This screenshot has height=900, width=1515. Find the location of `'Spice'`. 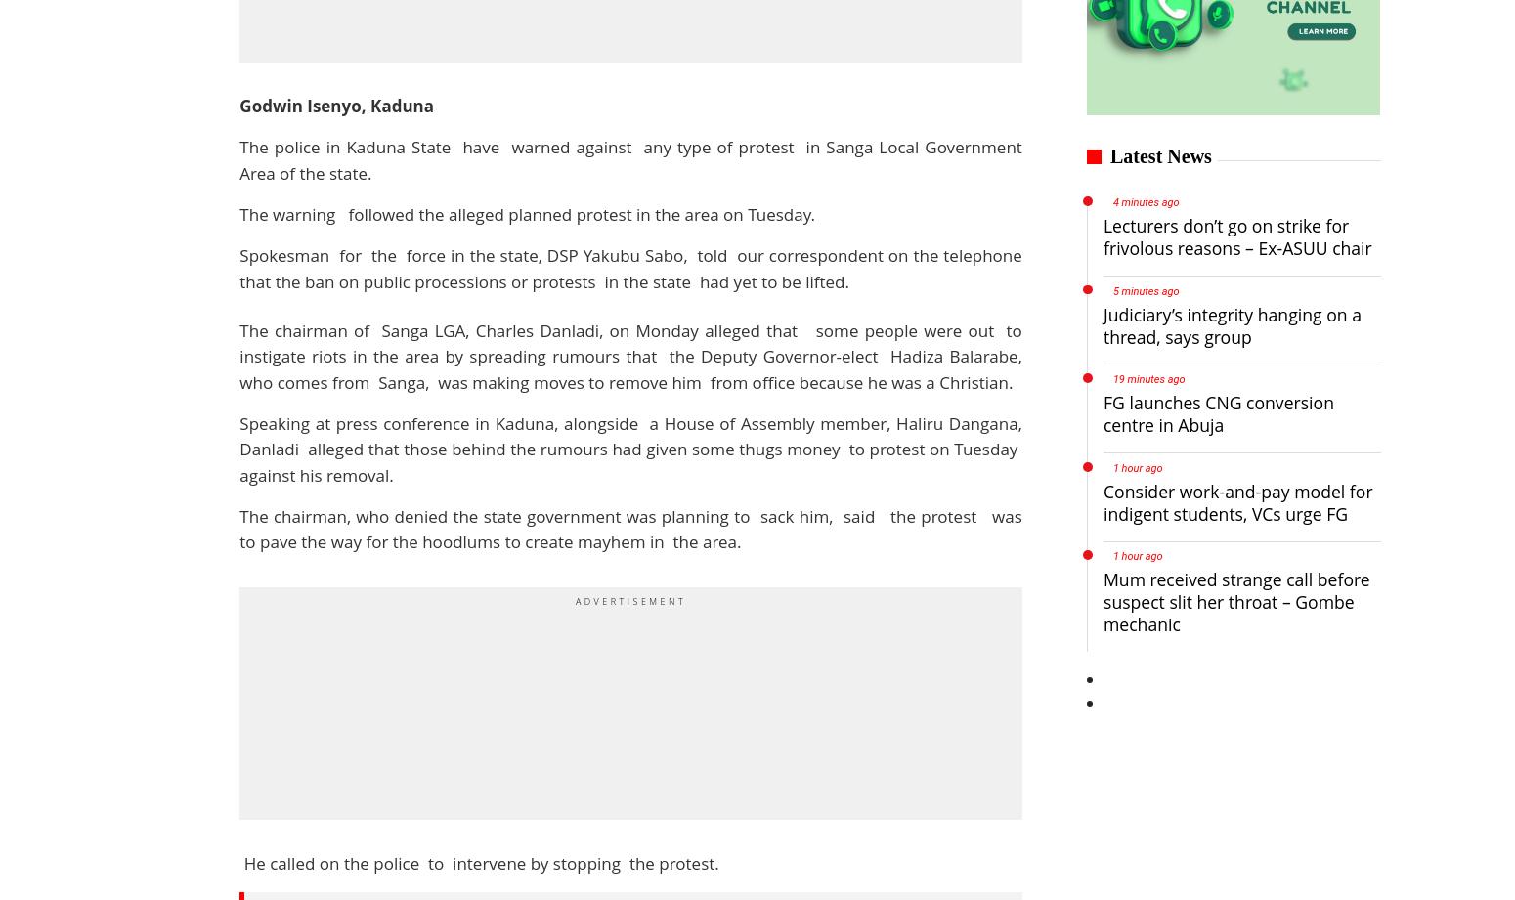

'Spice' is located at coordinates (714, 808).